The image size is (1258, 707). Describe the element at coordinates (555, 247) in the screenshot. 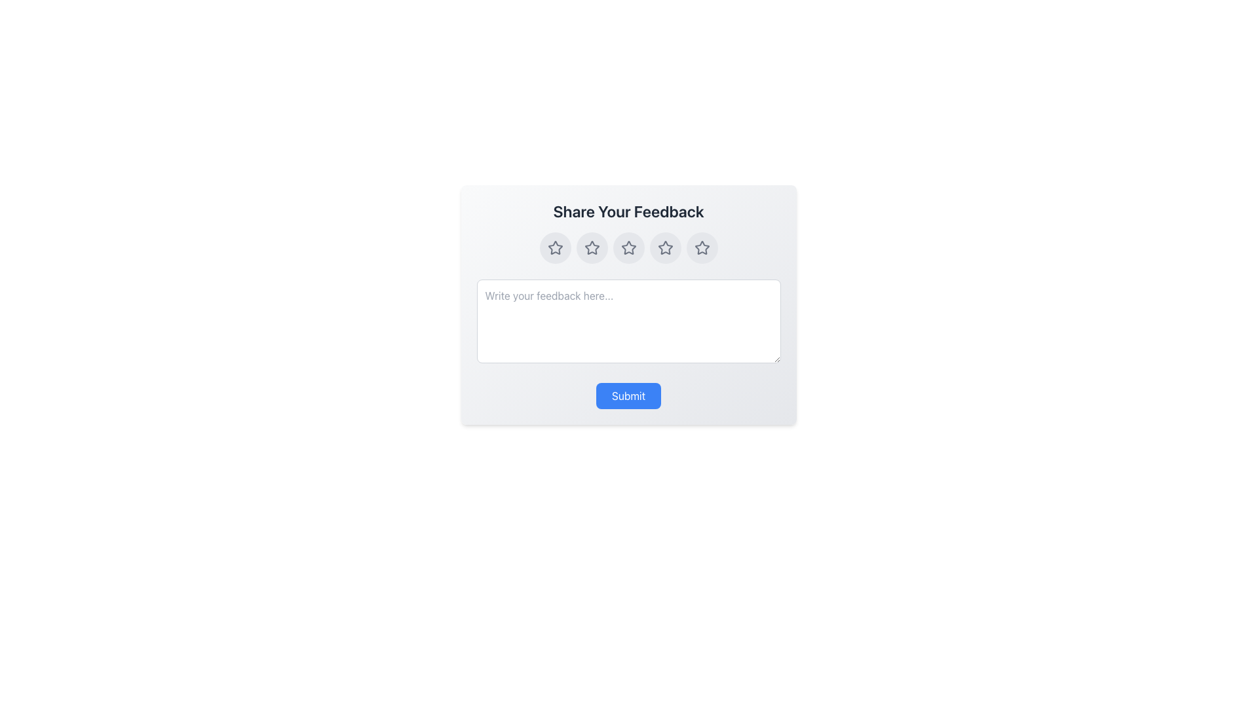

I see `the first star icon in the rating system to give a 1-star rating` at that location.